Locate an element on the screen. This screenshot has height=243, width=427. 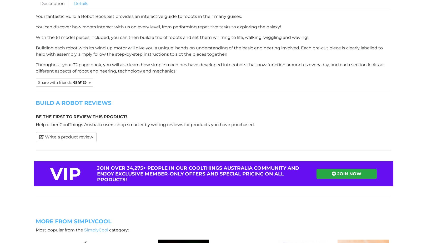
'Help other CoolThings Australia users shop smarter by writing reviews for products you have purchased.' is located at coordinates (145, 125).